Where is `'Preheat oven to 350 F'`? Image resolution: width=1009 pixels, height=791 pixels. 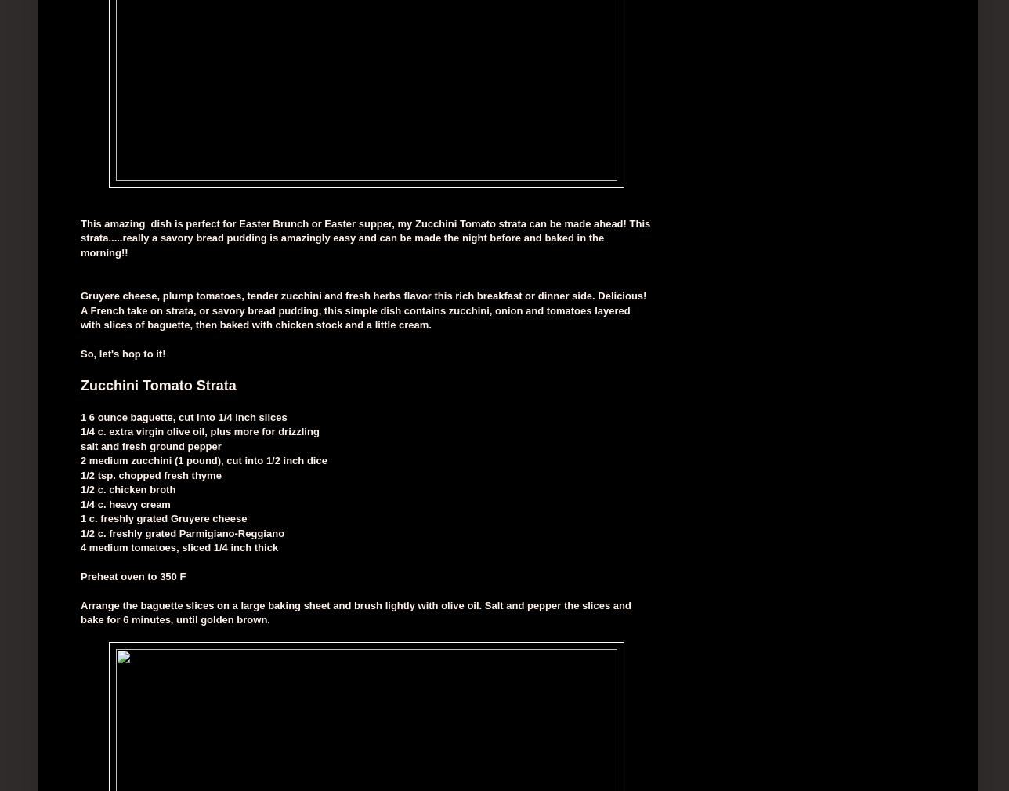 'Preheat oven to 350 F' is located at coordinates (133, 575).